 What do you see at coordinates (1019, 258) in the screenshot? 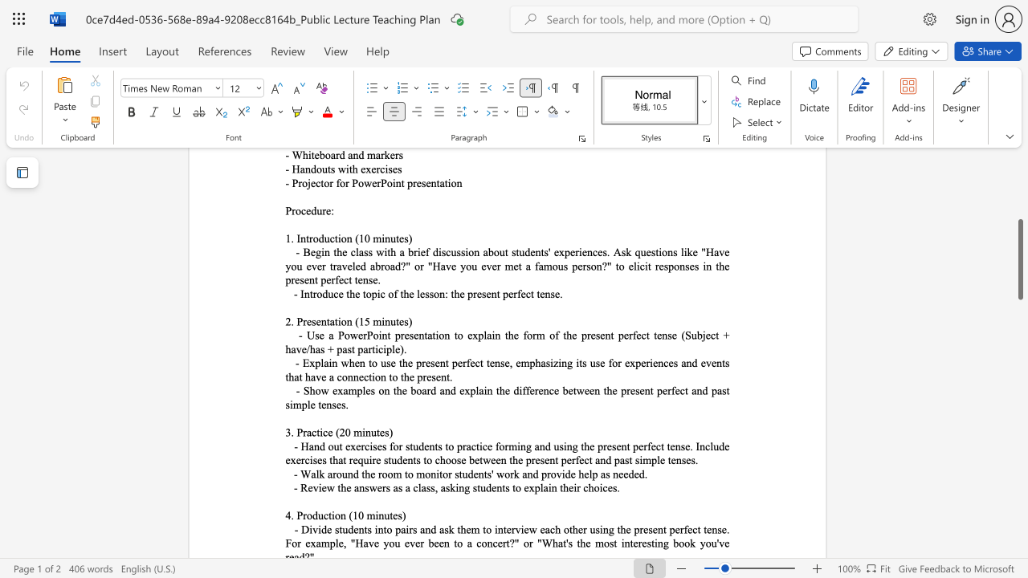
I see `the scrollbar and move down 460 pixels` at bounding box center [1019, 258].